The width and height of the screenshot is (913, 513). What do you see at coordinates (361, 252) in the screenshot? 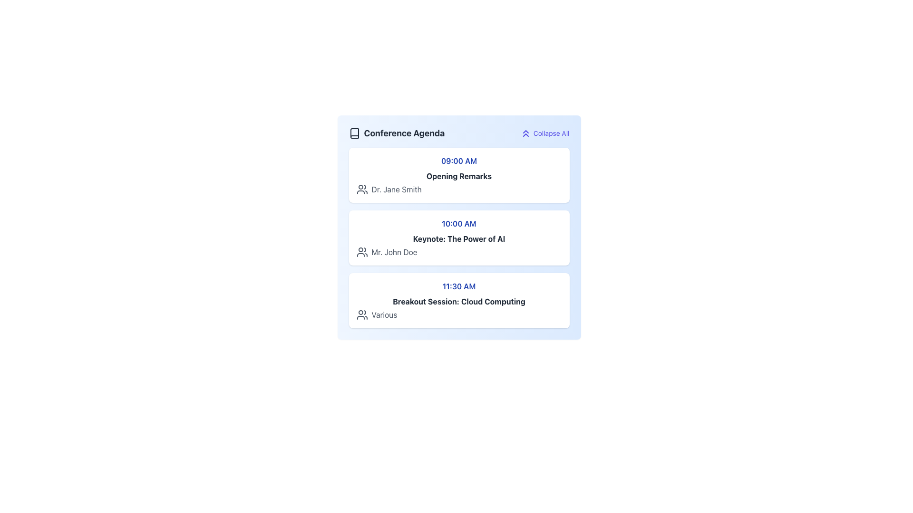
I see `the icon resembling a group of people, which is styled in a dark color and positioned next to the text 'Mr. John Doe' in the second session block titled '10:00 AM Keynote: The Power of AI'` at bounding box center [361, 252].